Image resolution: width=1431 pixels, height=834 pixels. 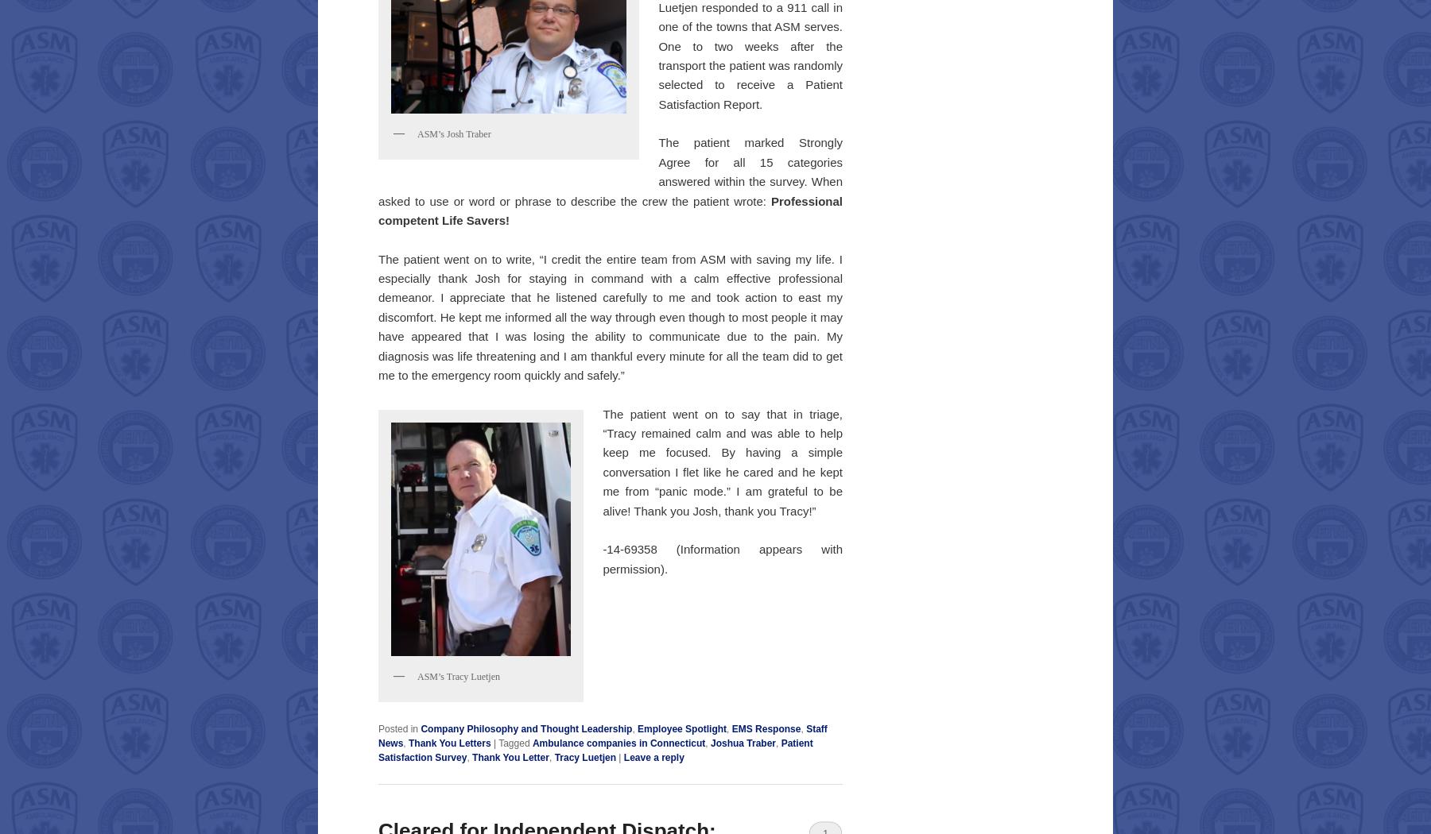 What do you see at coordinates (453, 134) in the screenshot?
I see `'ASM’s Josh Traber'` at bounding box center [453, 134].